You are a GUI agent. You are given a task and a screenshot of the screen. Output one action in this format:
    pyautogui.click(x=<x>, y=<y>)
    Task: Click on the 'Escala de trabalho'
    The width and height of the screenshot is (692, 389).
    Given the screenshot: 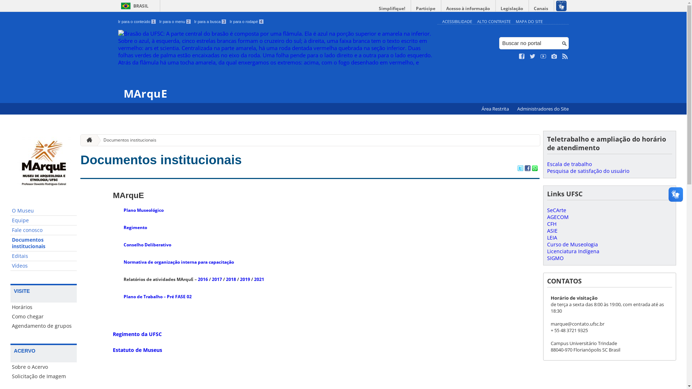 What is the action you would take?
    pyautogui.click(x=569, y=164)
    